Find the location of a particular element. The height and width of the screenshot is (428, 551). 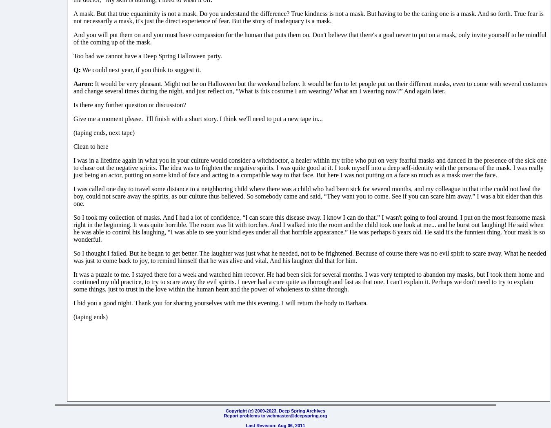

'(taping ends)' is located at coordinates (90, 316).